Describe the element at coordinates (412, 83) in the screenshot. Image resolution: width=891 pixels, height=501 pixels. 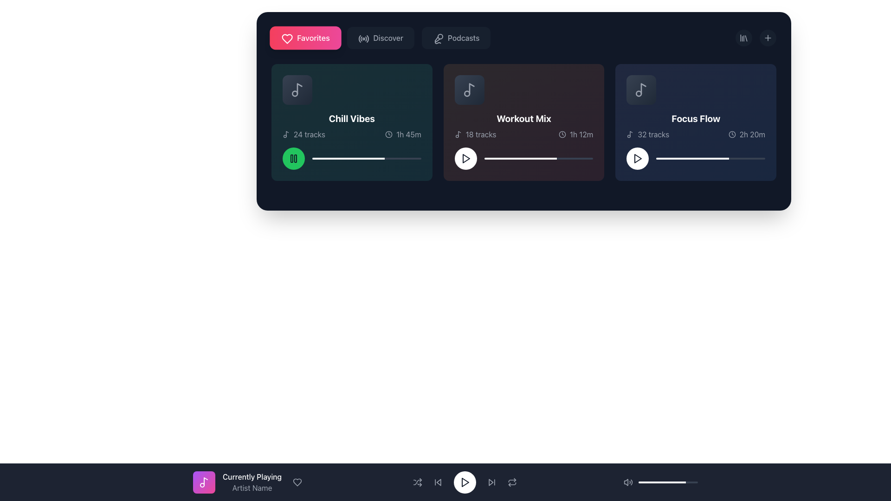
I see `the button located in the upper-right corner of the 'Chill Vibes' card` at that location.